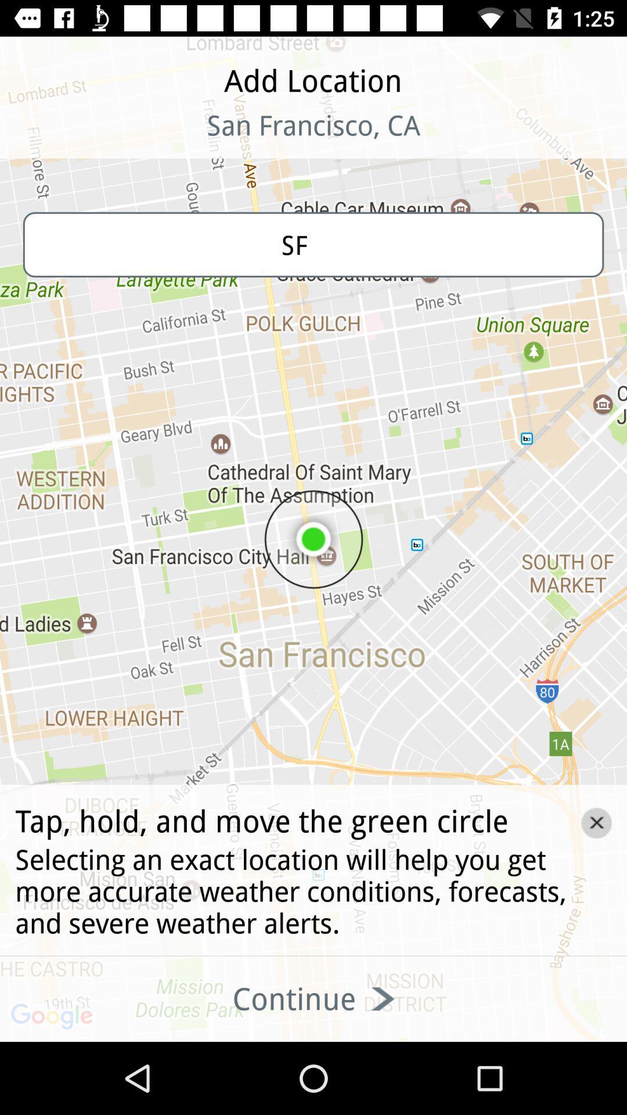  Describe the element at coordinates (596, 822) in the screenshot. I see `the icon to the right of tap hold and item` at that location.